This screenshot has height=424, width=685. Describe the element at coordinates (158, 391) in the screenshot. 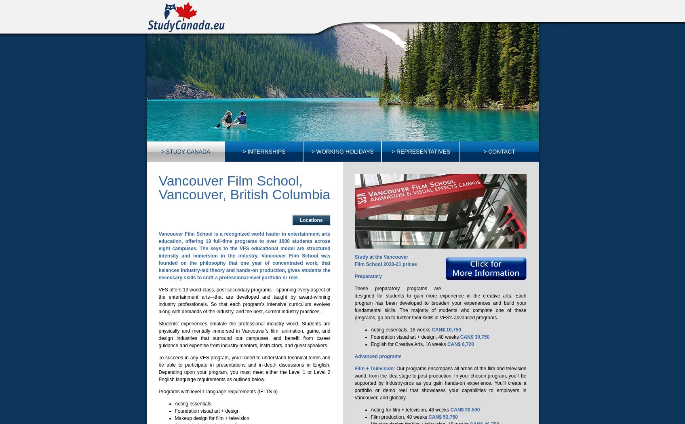

I see `'Programs with level 1 language requirements (IELTS 6)'` at that location.